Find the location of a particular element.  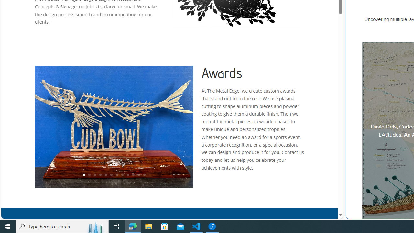

'10' is located at coordinates (133, 175).